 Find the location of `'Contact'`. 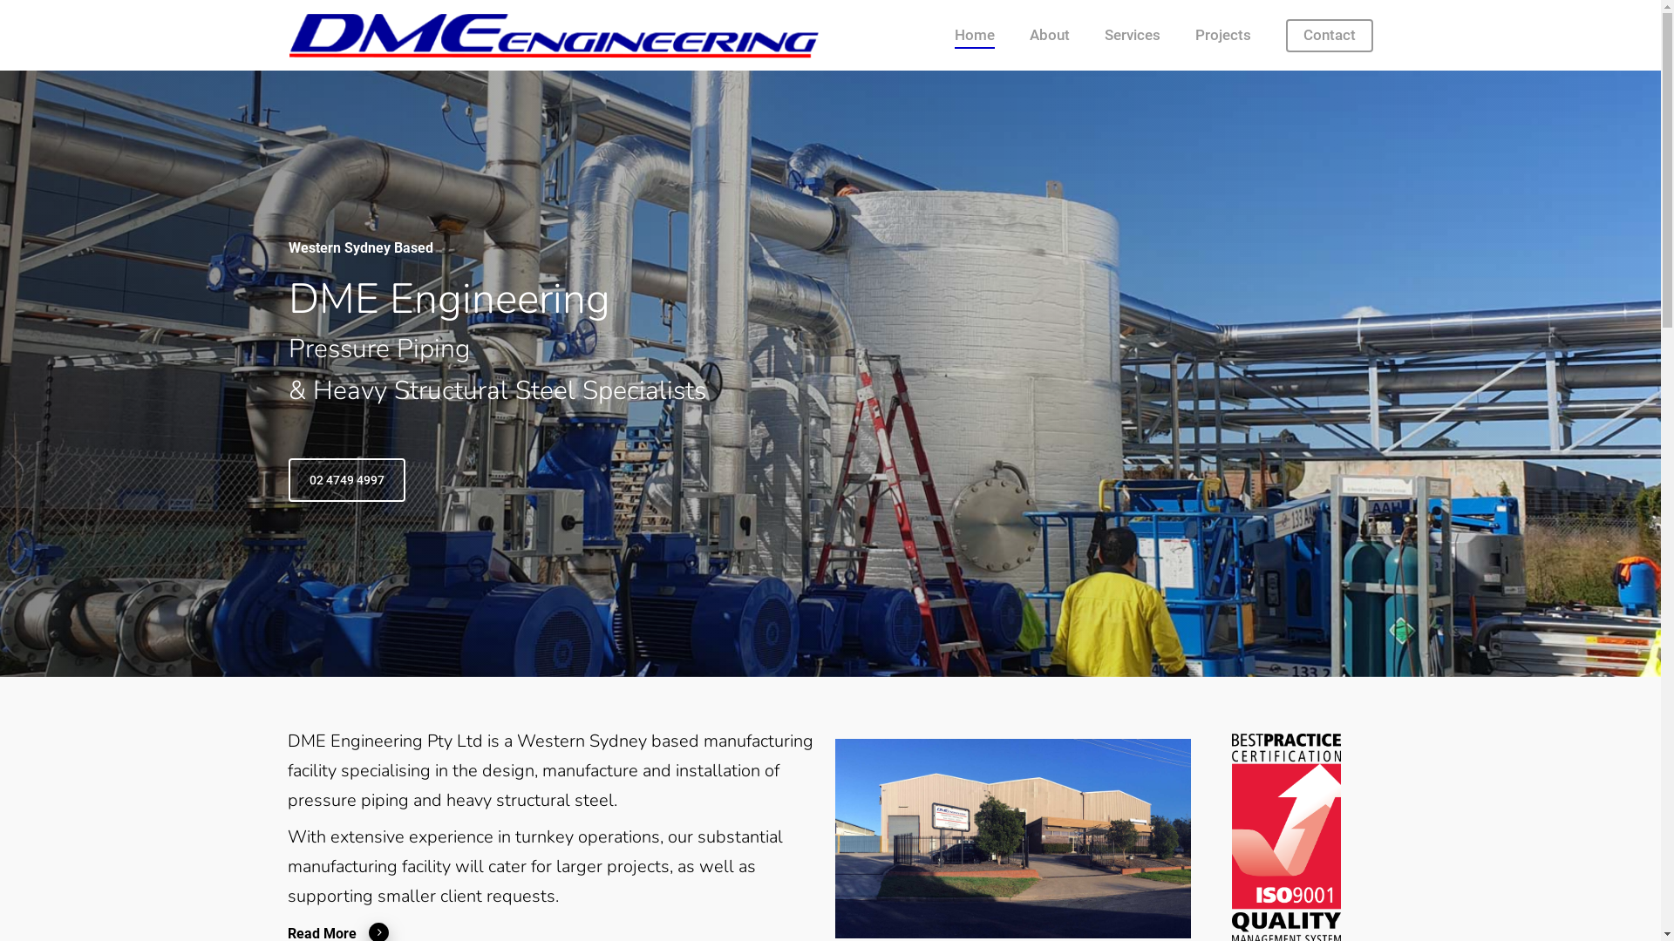

'Contact' is located at coordinates (1329, 35).